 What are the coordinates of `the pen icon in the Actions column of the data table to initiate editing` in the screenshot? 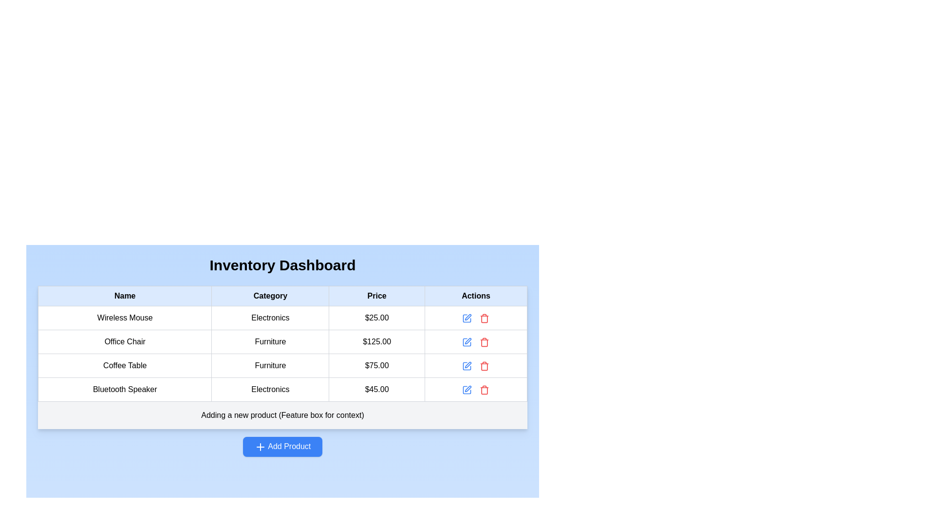 It's located at (467, 341).